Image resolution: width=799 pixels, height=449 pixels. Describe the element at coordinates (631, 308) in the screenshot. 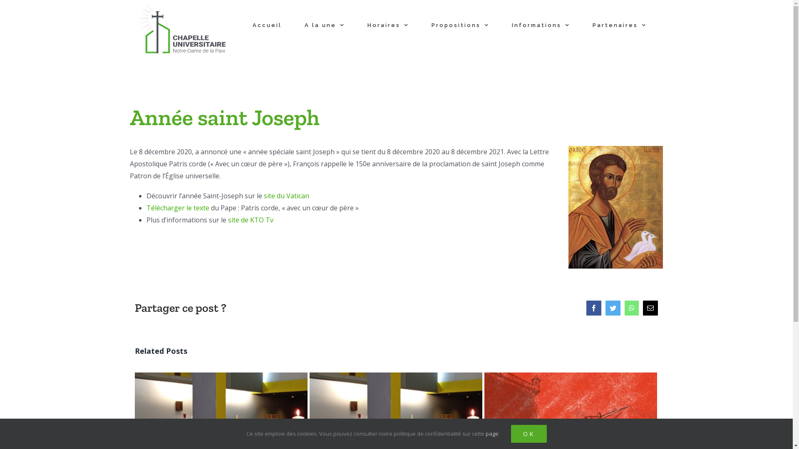

I see `'WhatsApp'` at that location.